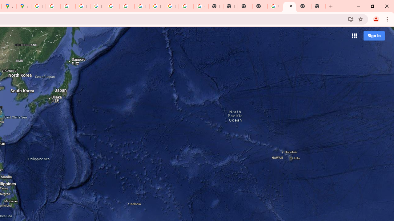 This screenshot has height=221, width=394. Describe the element at coordinates (374, 36) in the screenshot. I see `'Sign in'` at that location.